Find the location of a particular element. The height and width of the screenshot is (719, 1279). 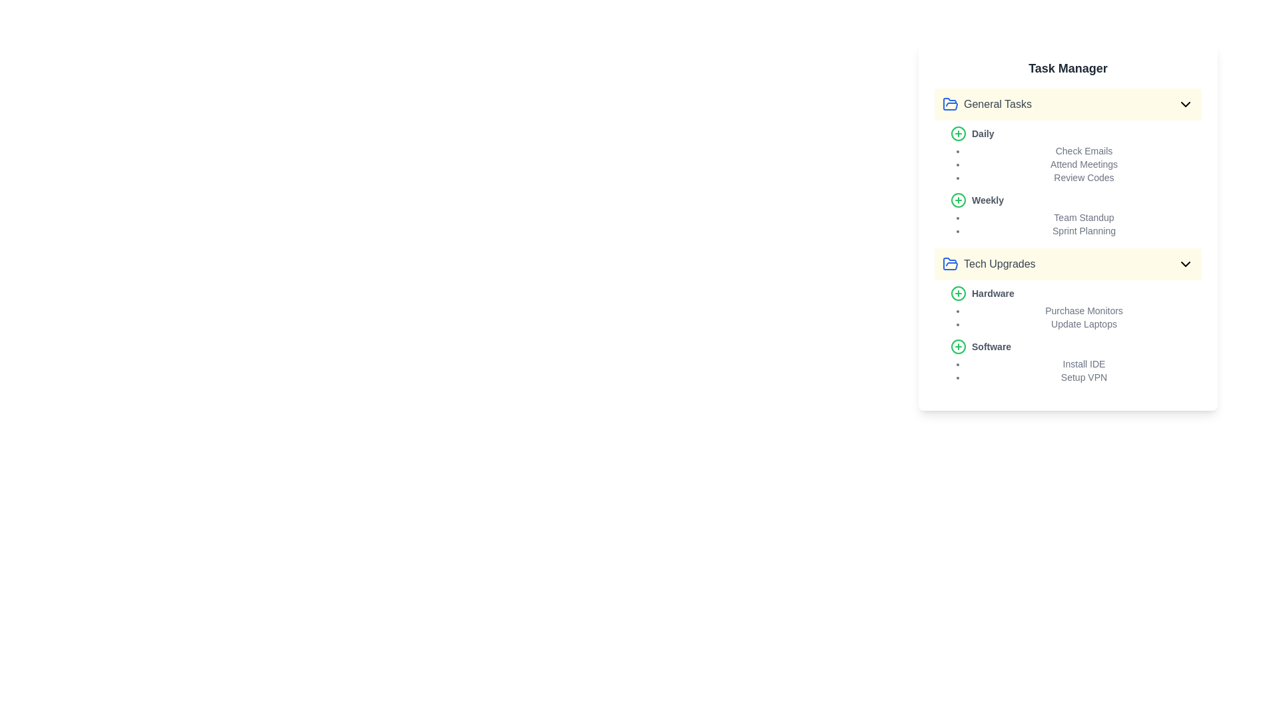

the blue folder icon with rounded corners located to the left of the 'General Tasks' text is located at coordinates (949, 104).